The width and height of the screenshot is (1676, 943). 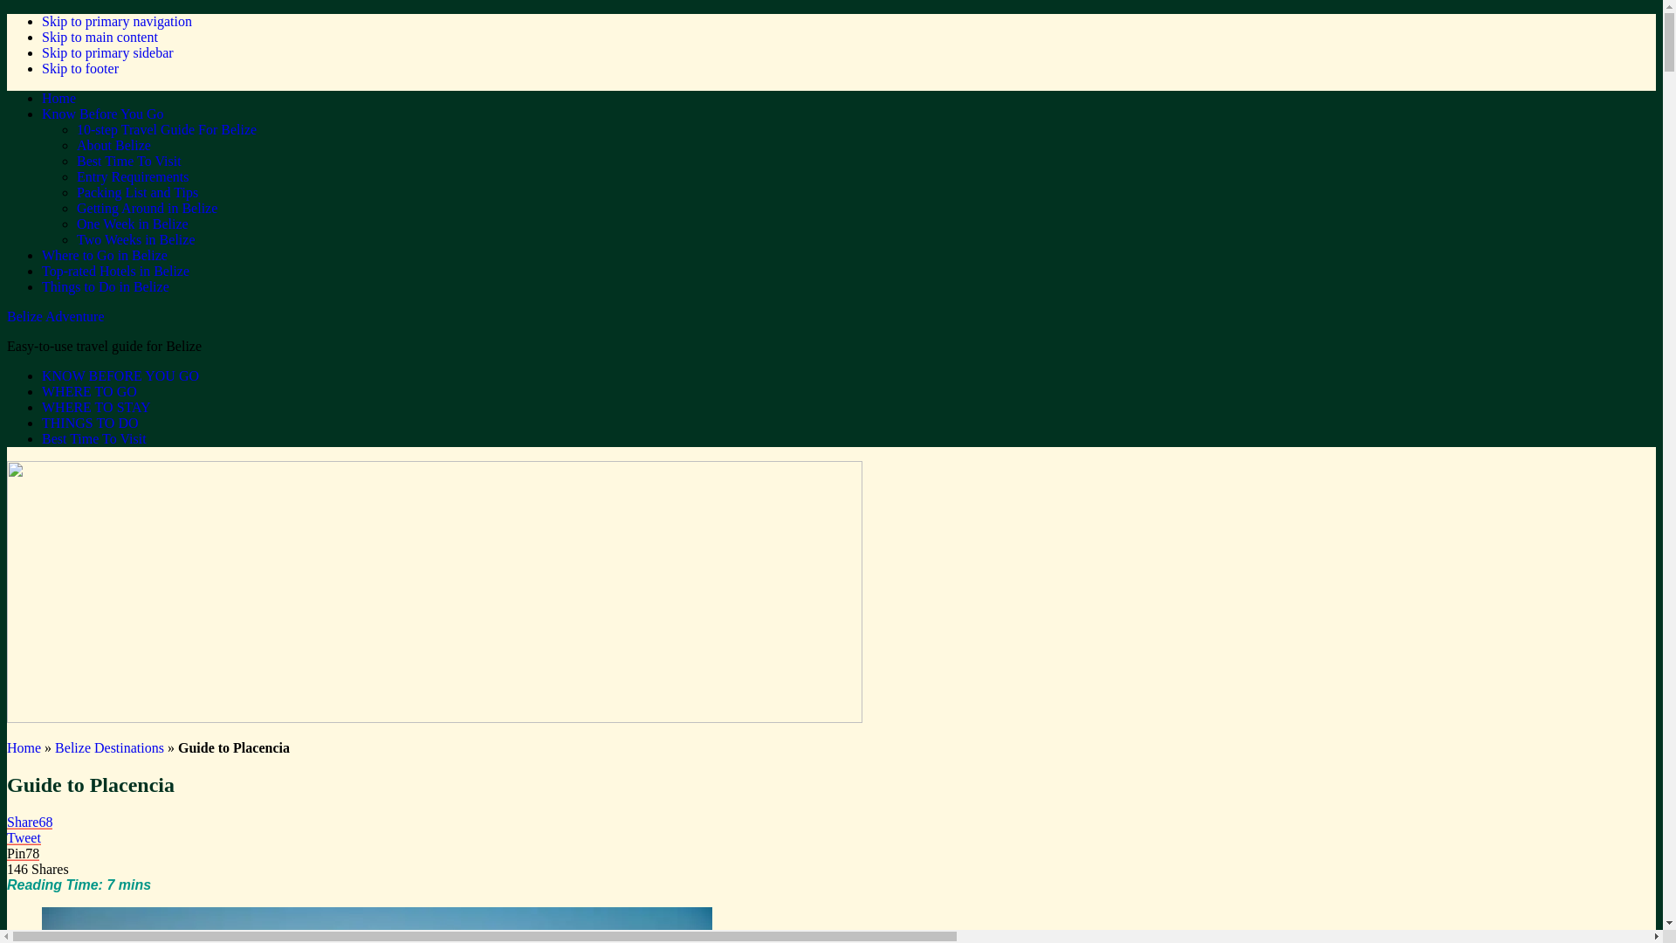 I want to click on 'Skip to main content', so click(x=99, y=37).